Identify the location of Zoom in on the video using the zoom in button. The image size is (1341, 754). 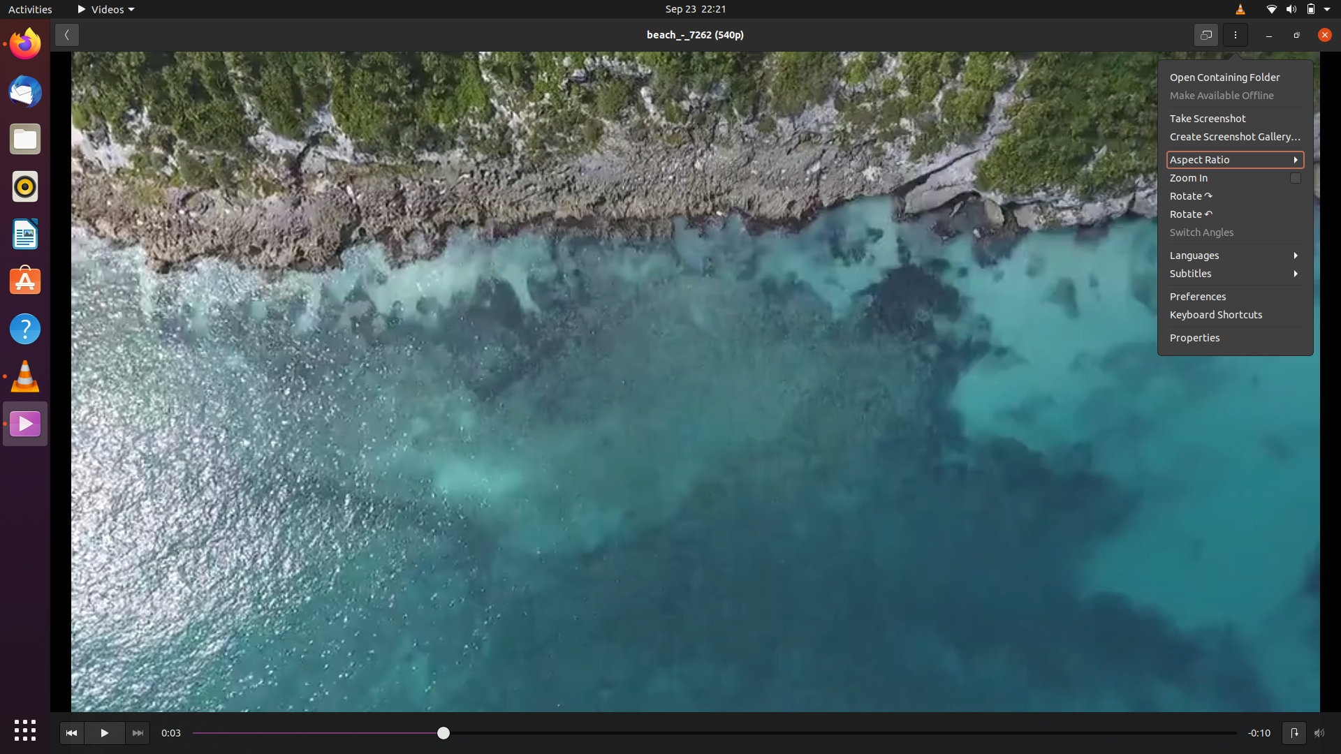
(1236, 177).